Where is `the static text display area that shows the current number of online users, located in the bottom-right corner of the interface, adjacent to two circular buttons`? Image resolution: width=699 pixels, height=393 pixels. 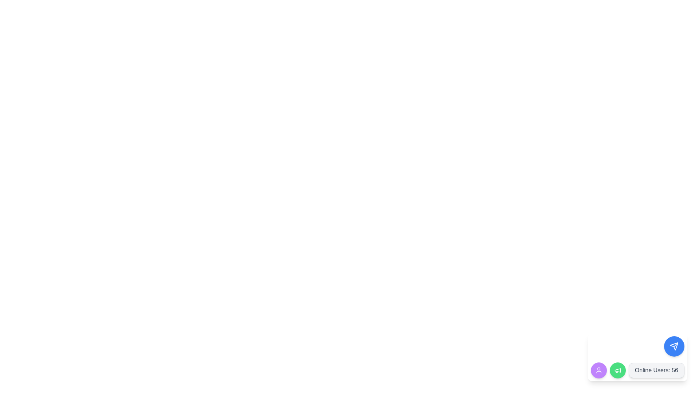
the static text display area that shows the current number of online users, located in the bottom-right corner of the interface, adjacent to two circular buttons is located at coordinates (637, 370).